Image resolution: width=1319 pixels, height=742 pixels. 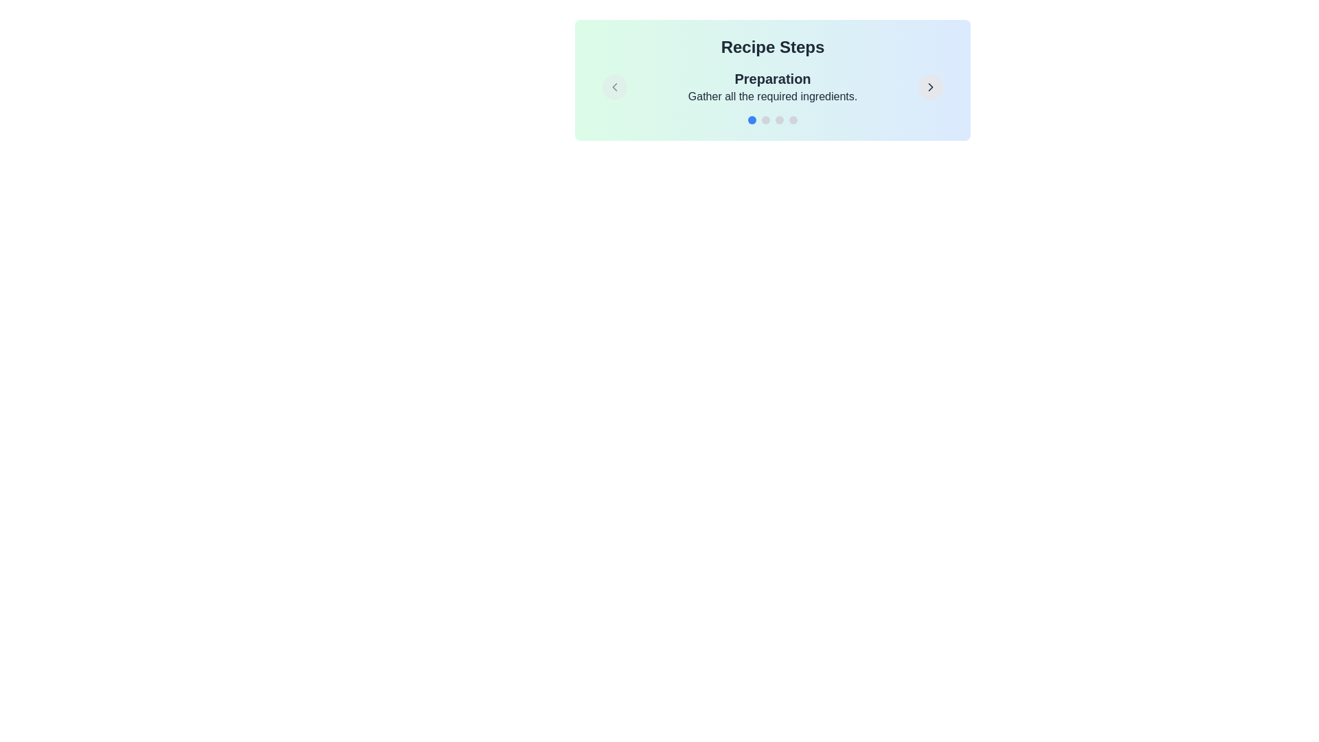 I want to click on the forward navigation button, which is a right-pointing arrow located within a circular button on the right side of the 'Recipe Steps' card, so click(x=930, y=87).